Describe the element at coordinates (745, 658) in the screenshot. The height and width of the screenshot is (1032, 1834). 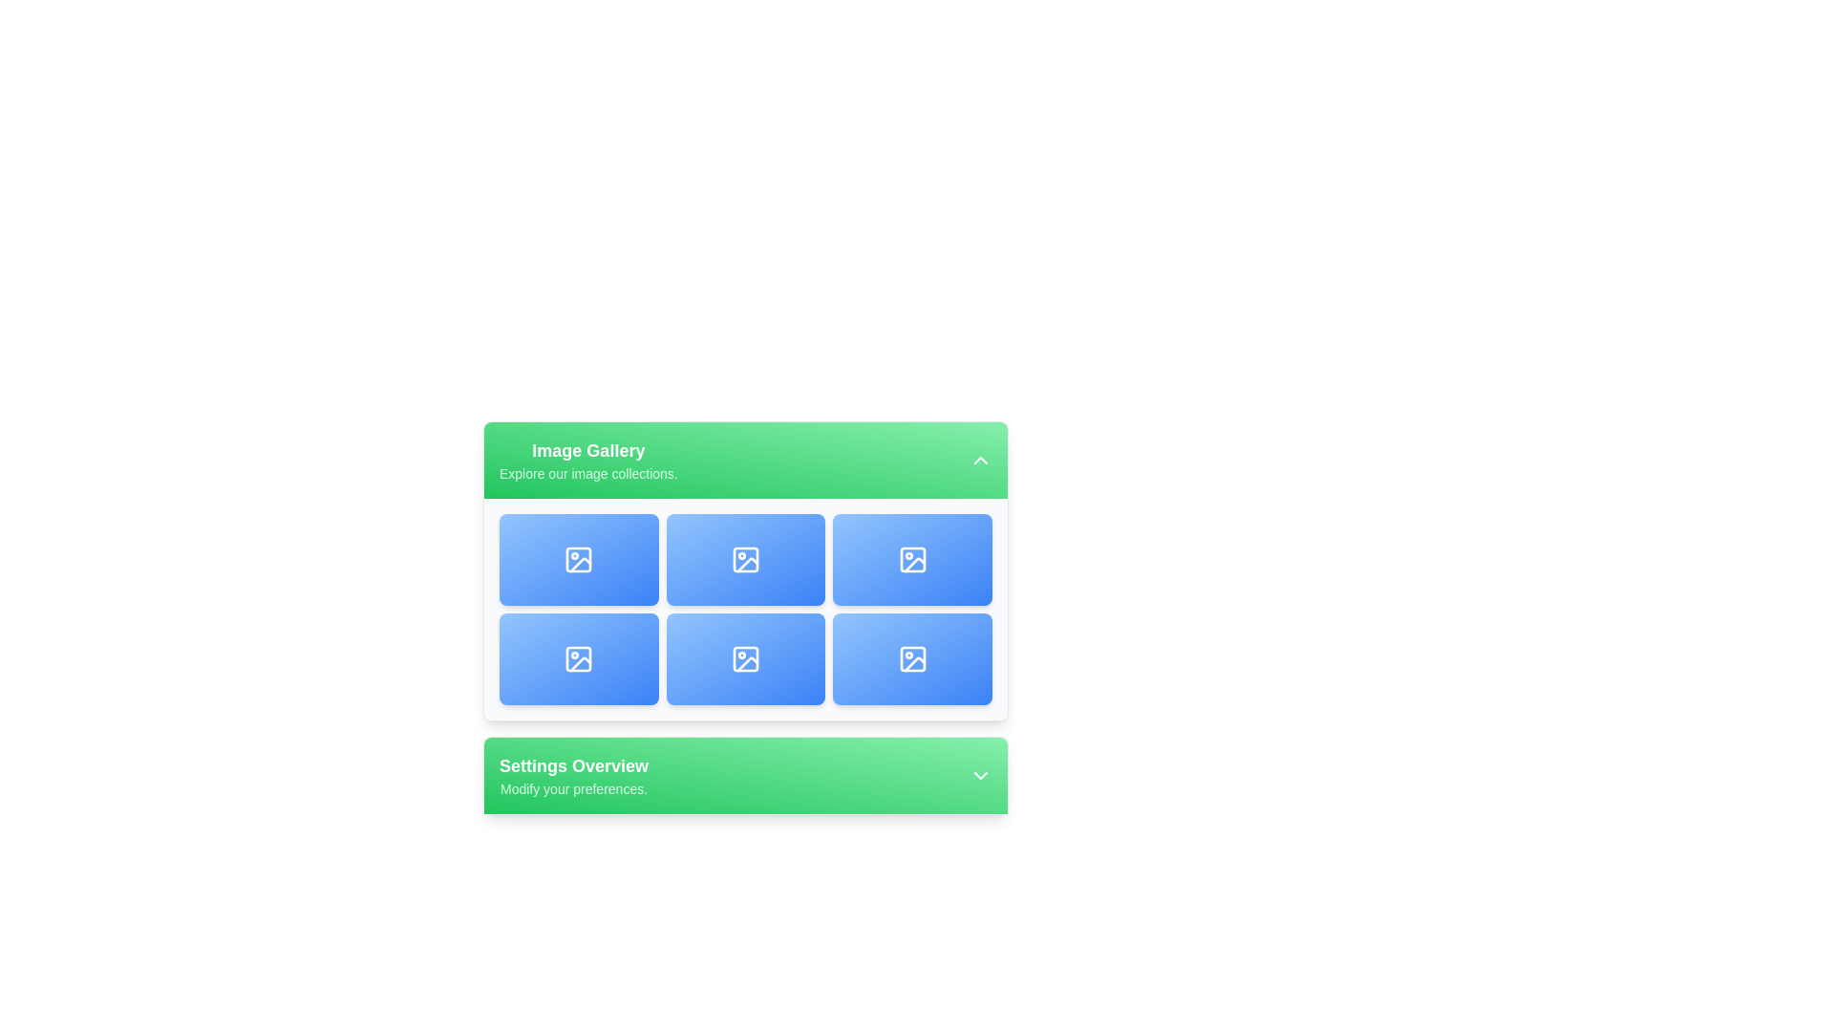
I see `the icon representing the action of selecting or interacting with an image, located within the blue button in the second row, third column of the 'Image Gallery' section` at that location.